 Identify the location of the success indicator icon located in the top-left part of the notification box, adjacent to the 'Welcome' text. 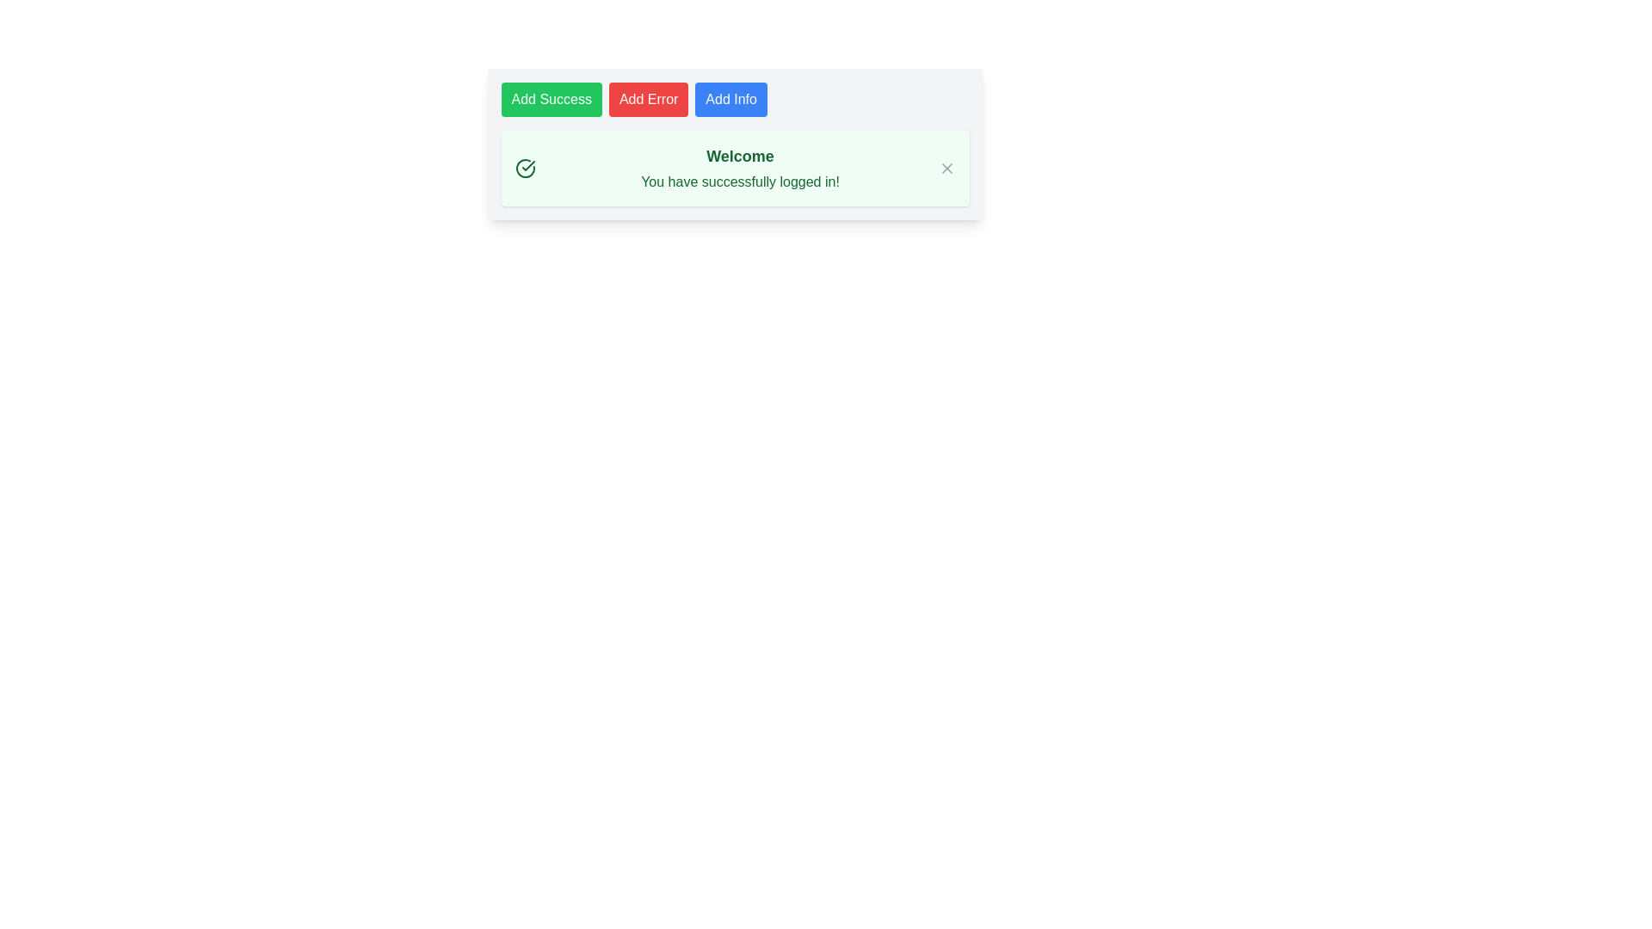
(527, 169).